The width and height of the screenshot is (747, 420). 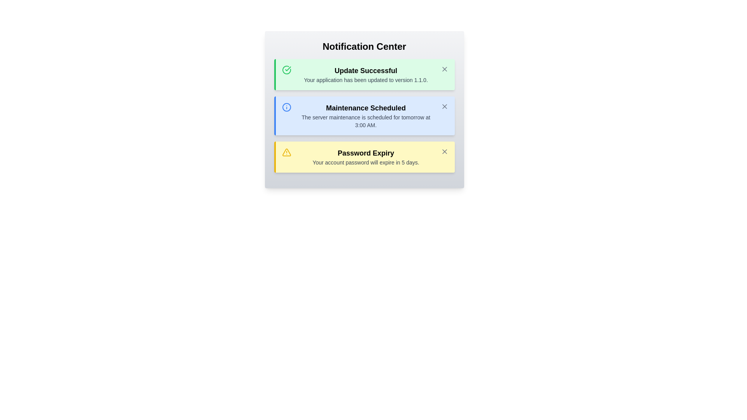 I want to click on the close button icon located on the right-hand side of the 'Maintenance Scheduled' notification card in the Notification Center, so click(x=444, y=106).